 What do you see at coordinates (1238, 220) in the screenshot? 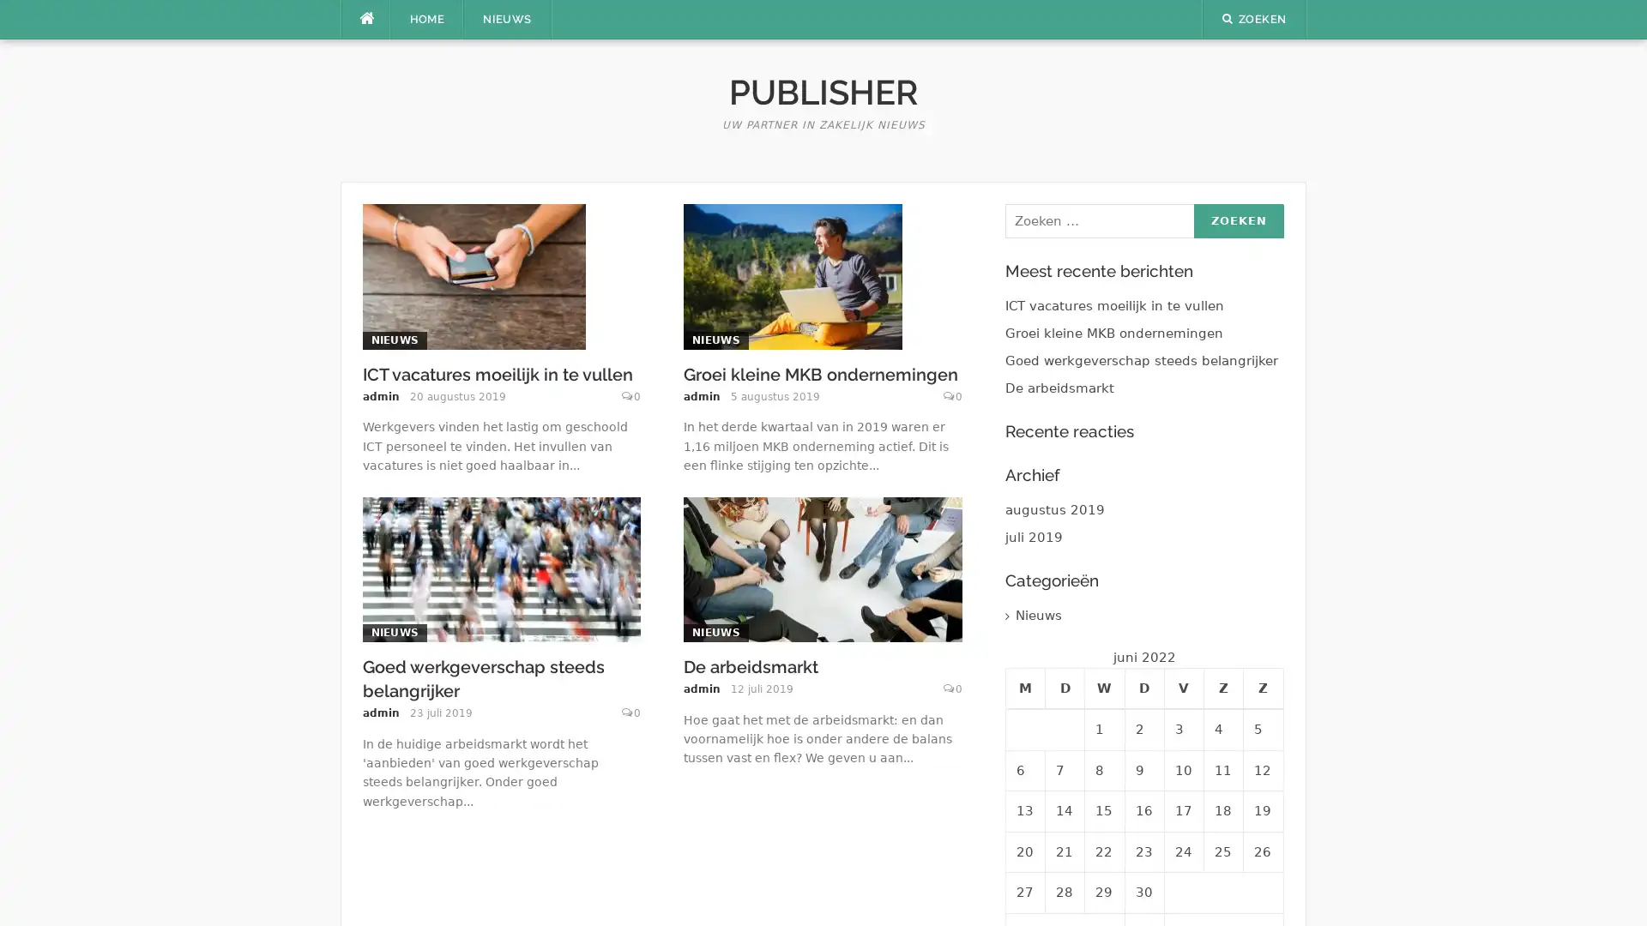
I see `Zoeken` at bounding box center [1238, 220].